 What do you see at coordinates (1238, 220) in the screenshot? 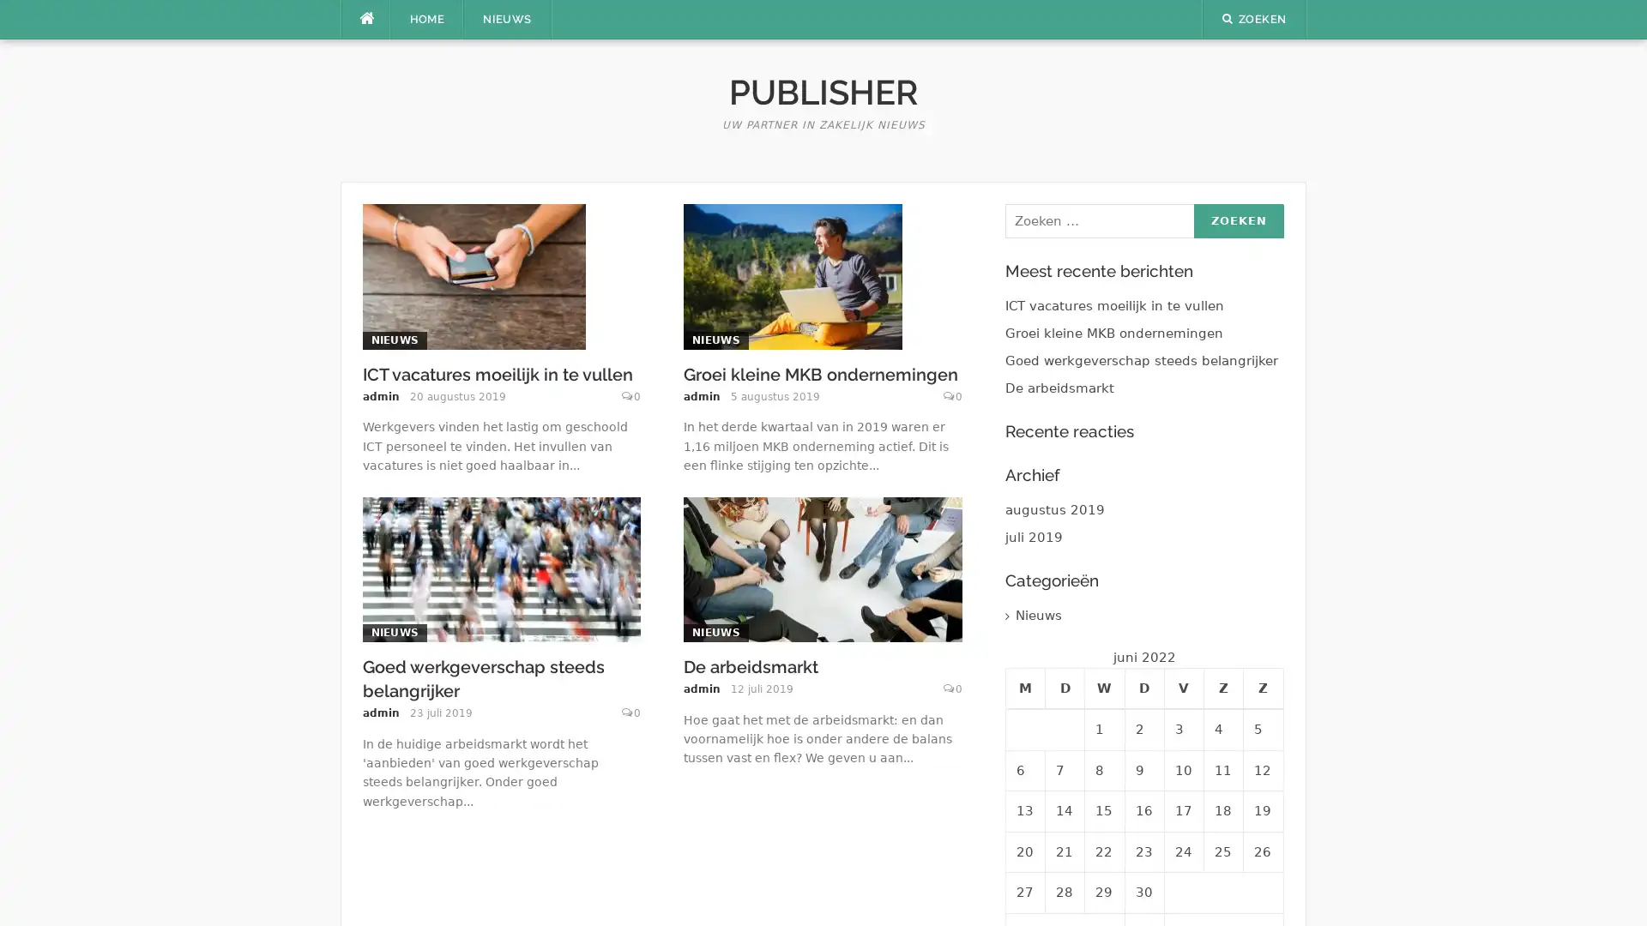
I see `Zoeken` at bounding box center [1238, 220].